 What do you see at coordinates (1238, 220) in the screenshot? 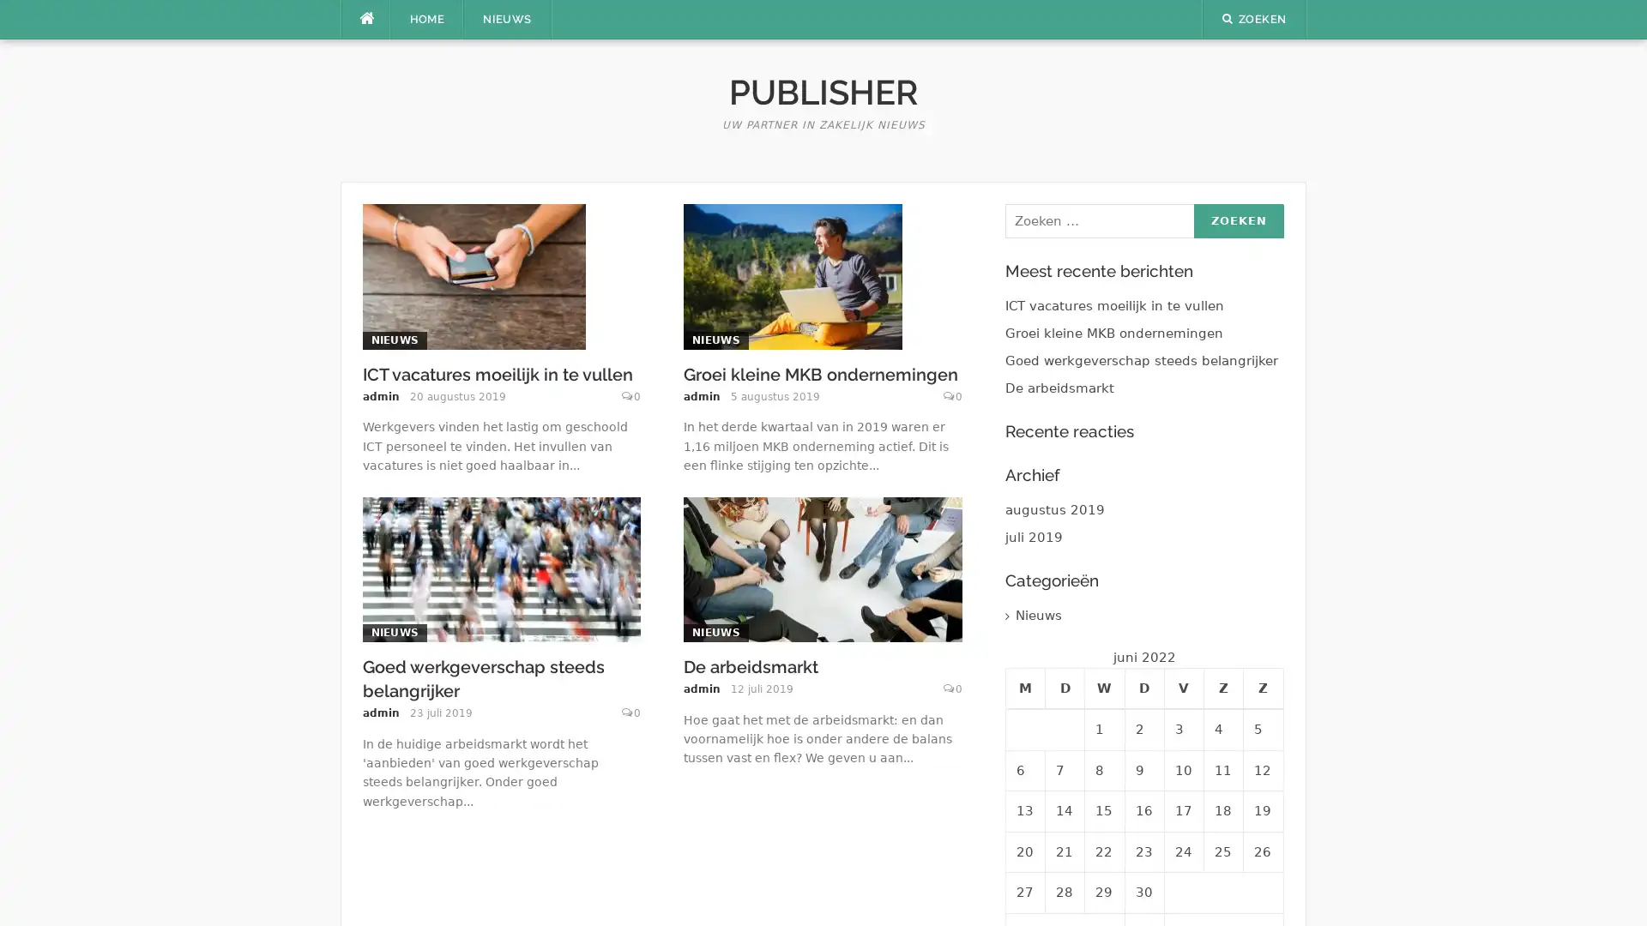
I see `Zoeken` at bounding box center [1238, 220].